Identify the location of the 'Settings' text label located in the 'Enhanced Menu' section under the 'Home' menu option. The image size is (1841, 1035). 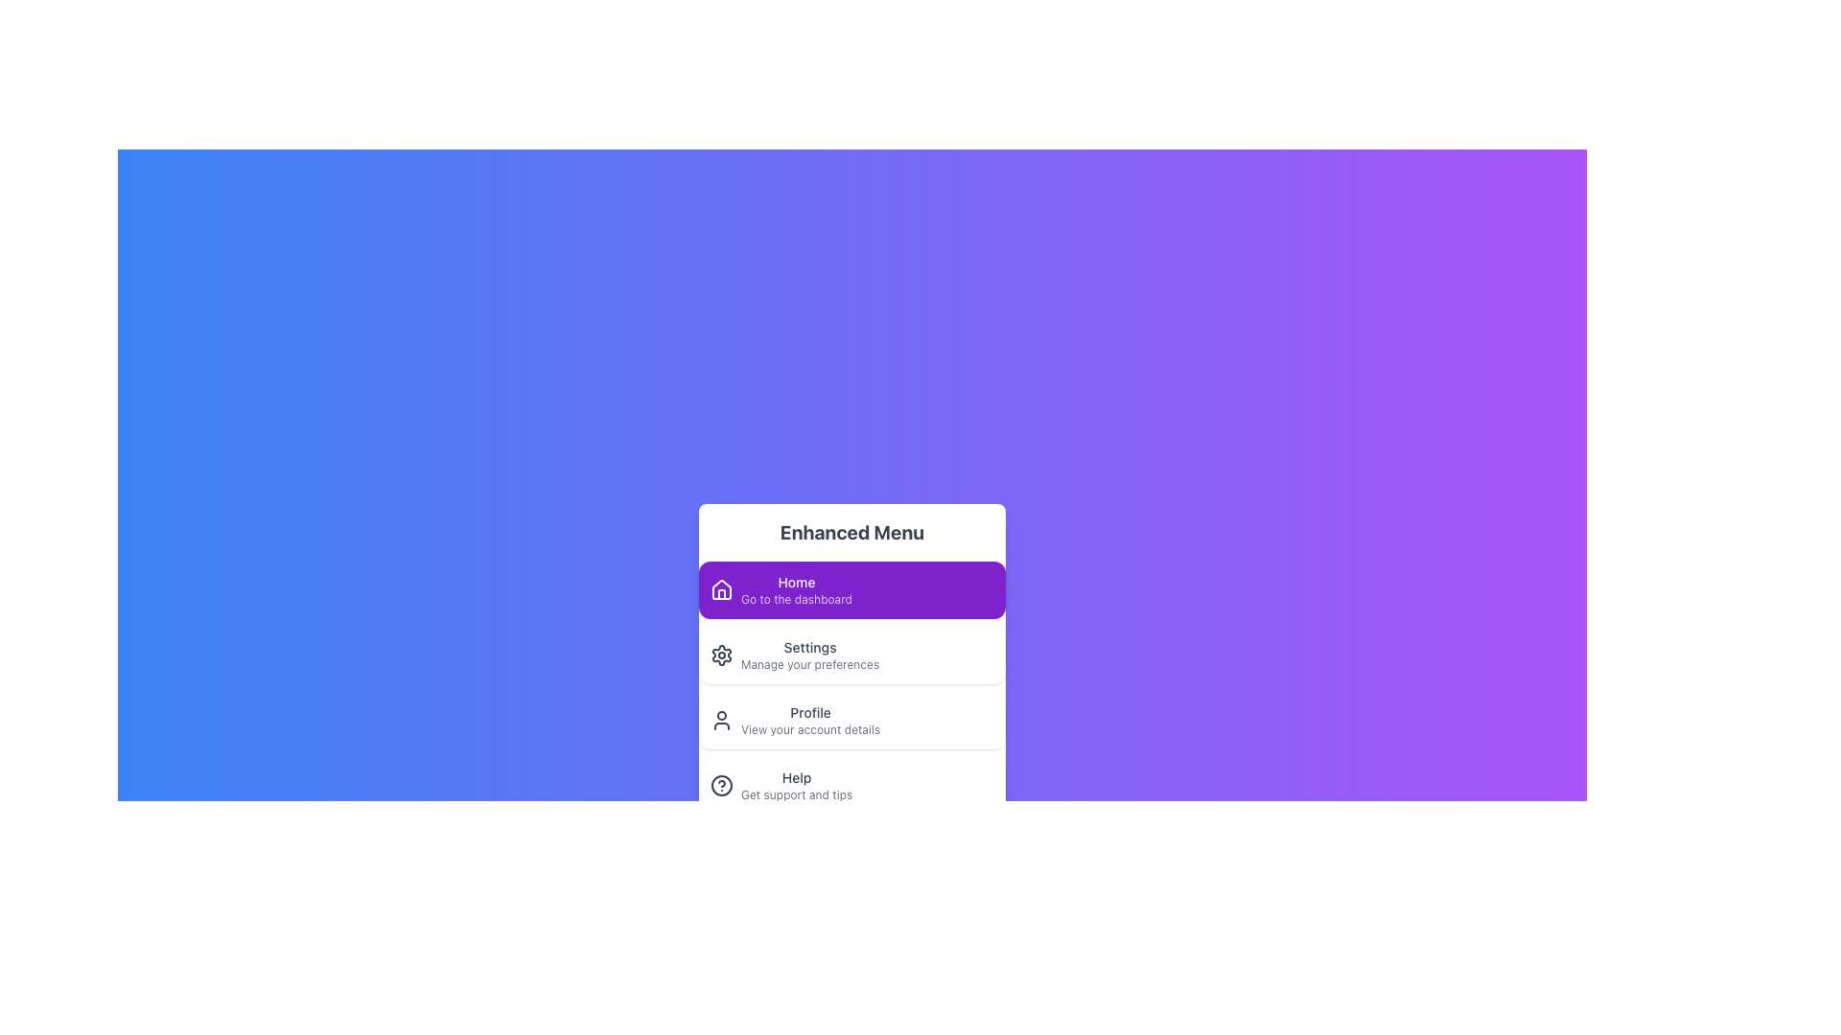
(810, 647).